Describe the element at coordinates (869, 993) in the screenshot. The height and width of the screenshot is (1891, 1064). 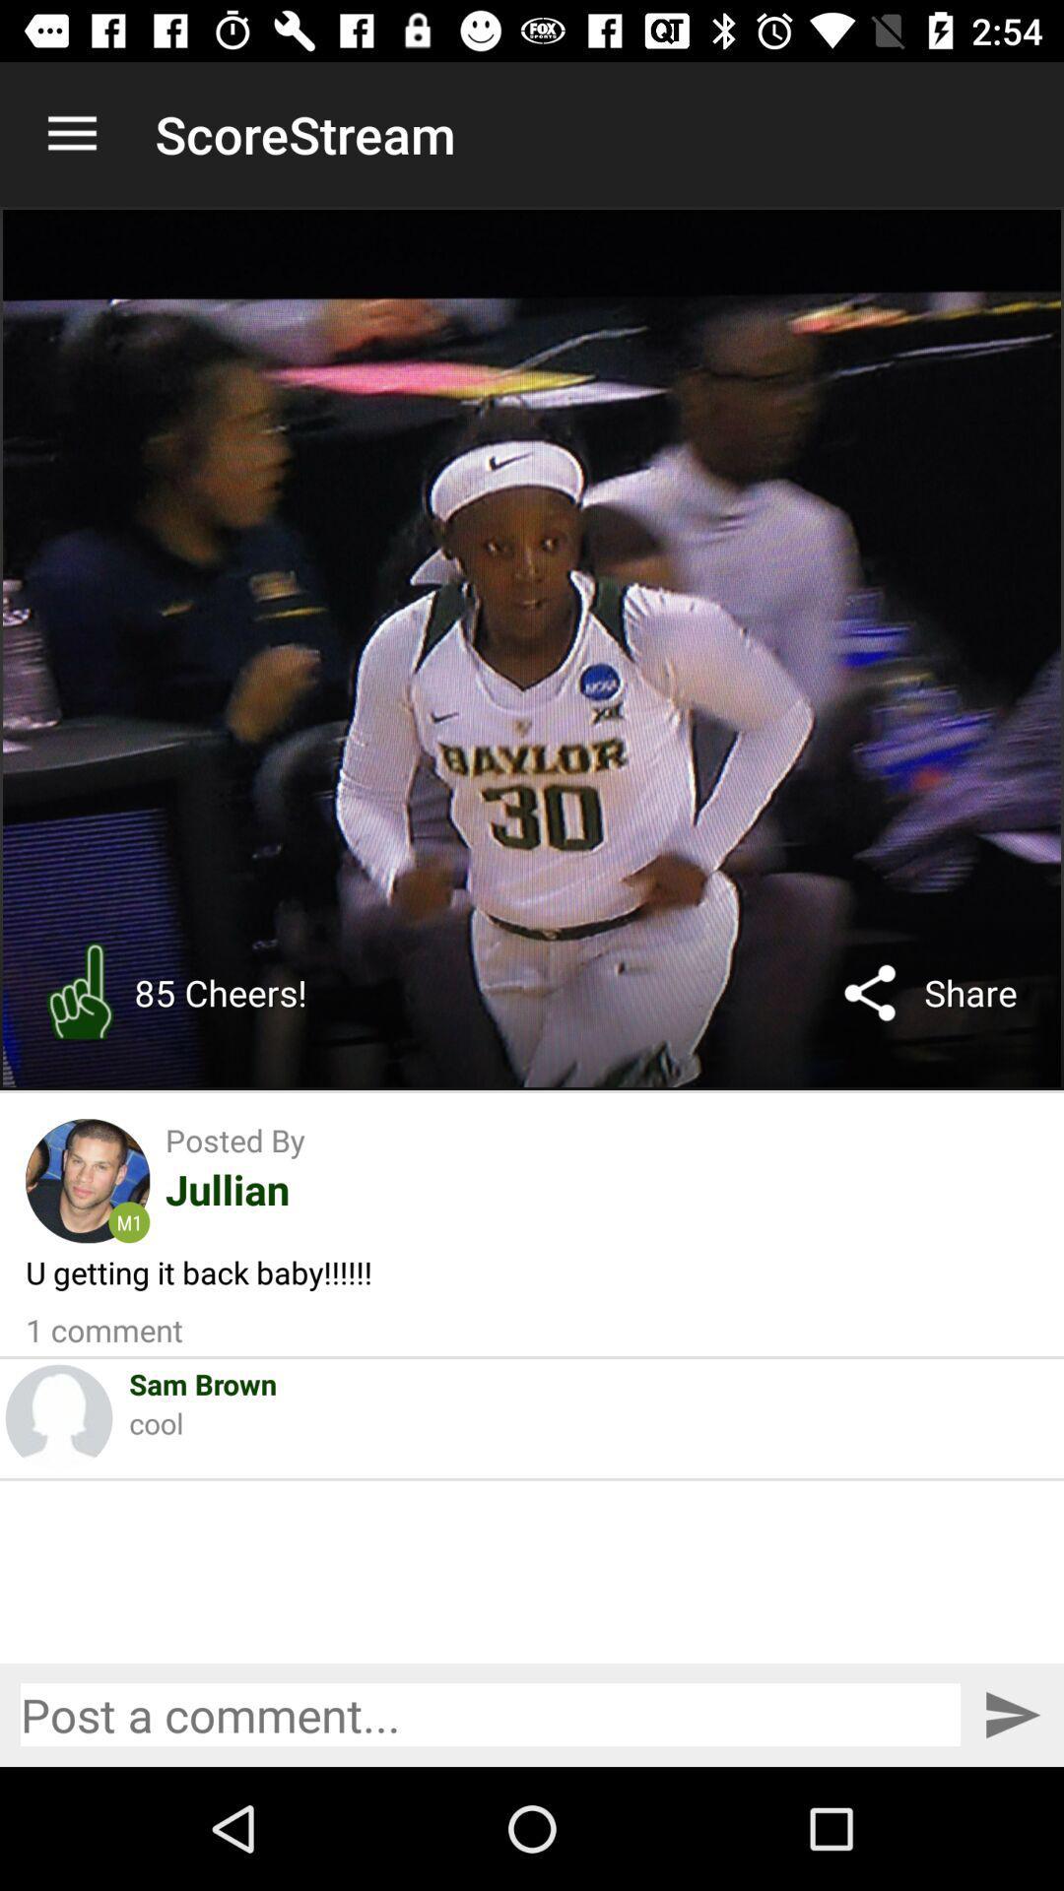
I see `the item to the left of the share` at that location.